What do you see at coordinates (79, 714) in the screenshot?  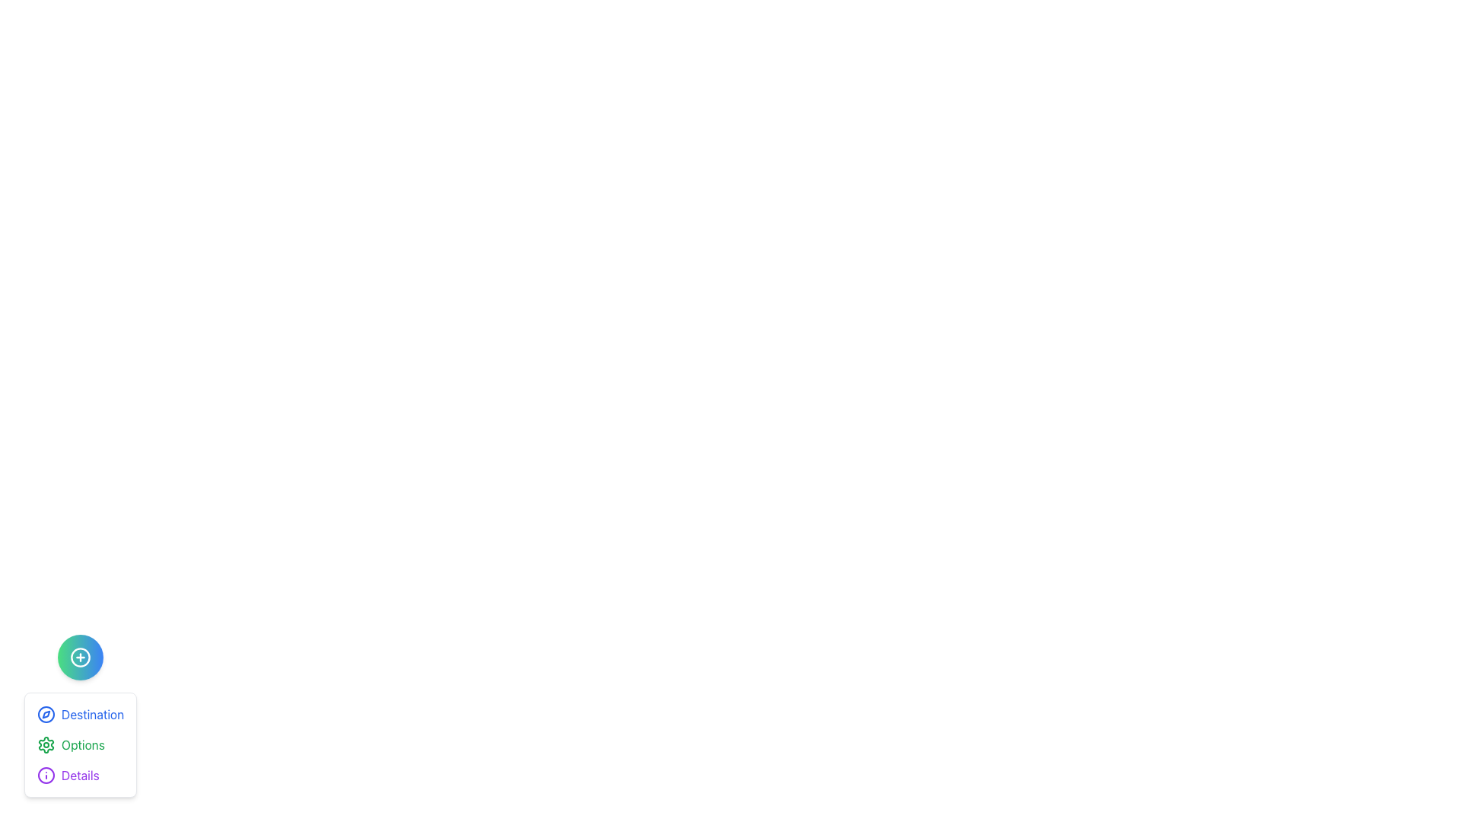 I see `the Interactive Text Link labeled 'Destination' with a compass icon` at bounding box center [79, 714].